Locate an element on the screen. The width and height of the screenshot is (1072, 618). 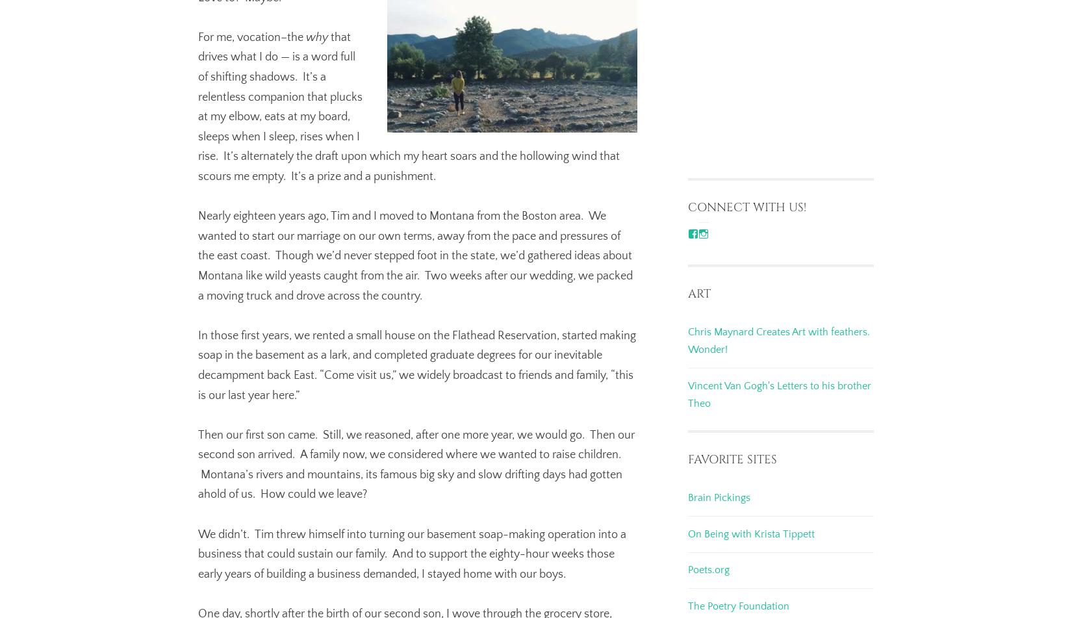
'Then our first son came.  Still, we reasoned, after one more year, we would go.  Then our second son arrived.  A family now, we considered where we wanted to raise children.  Montana’s rivers and mountains, its famous big sky and slow drifting days had gotten ahold of us.  How could we leave?' is located at coordinates (416, 463).